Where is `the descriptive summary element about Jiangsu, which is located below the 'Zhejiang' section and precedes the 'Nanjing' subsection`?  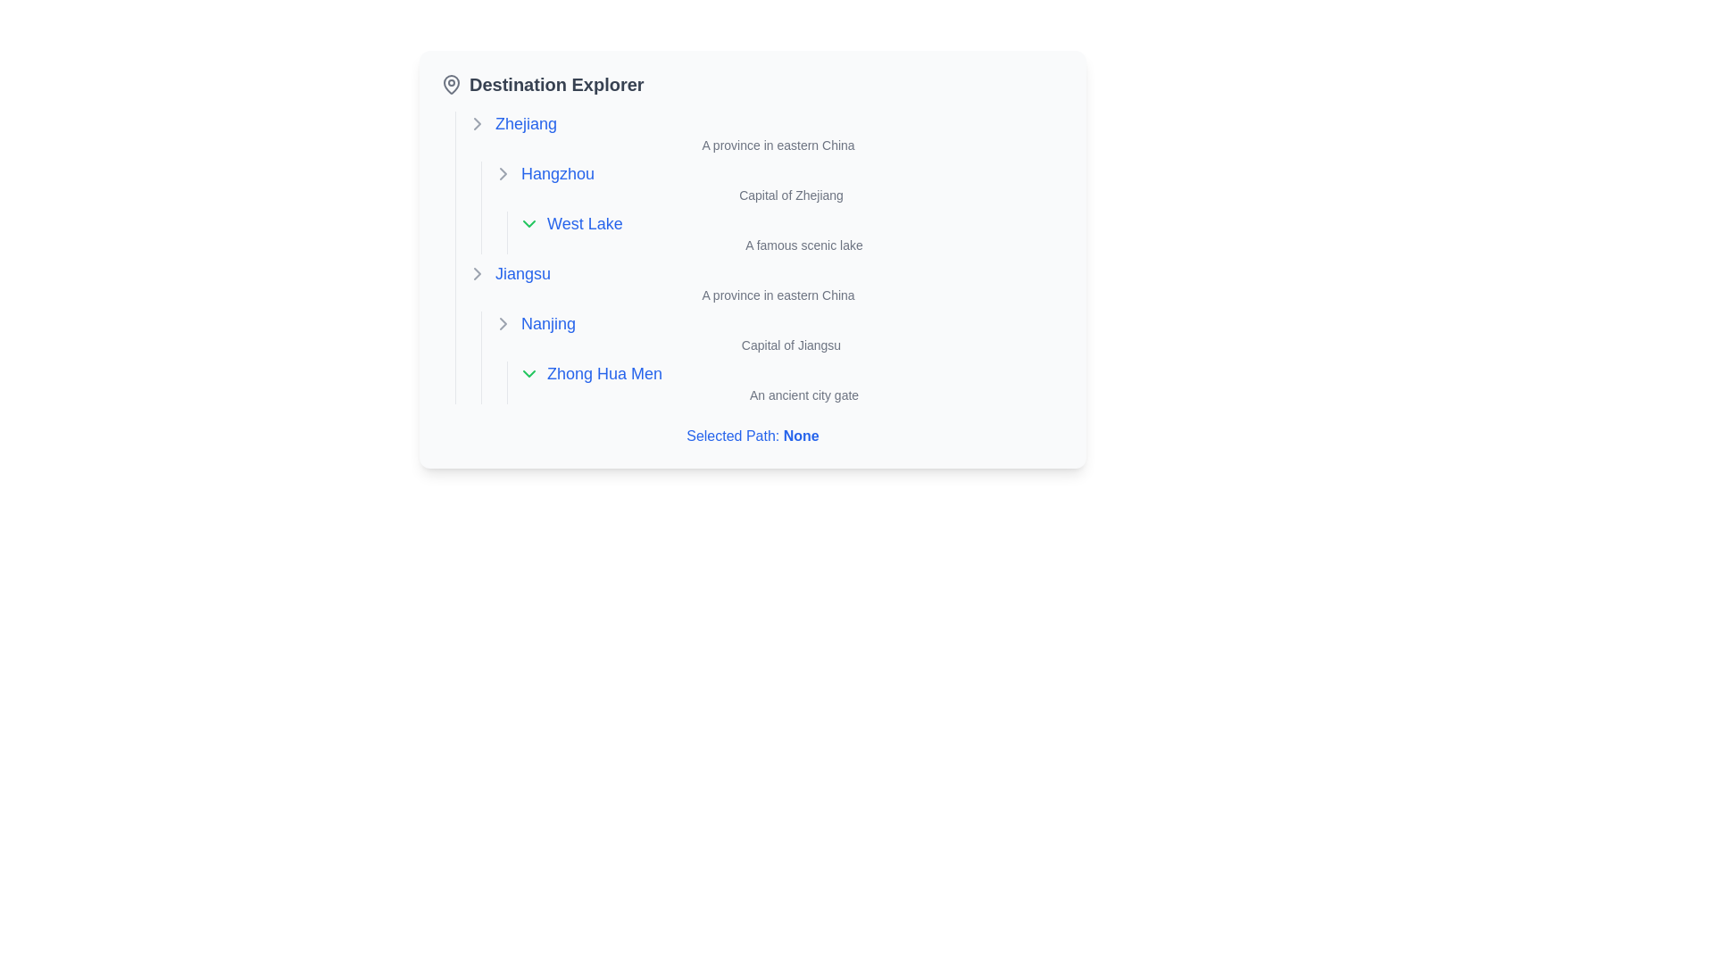
the descriptive summary element about Jiangsu, which is located below the 'Zhejiang' section and precedes the 'Nanjing' subsection is located at coordinates (766, 333).